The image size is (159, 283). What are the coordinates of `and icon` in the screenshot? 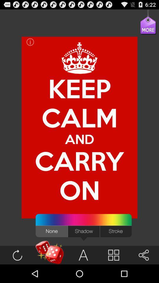 It's located at (79, 139).